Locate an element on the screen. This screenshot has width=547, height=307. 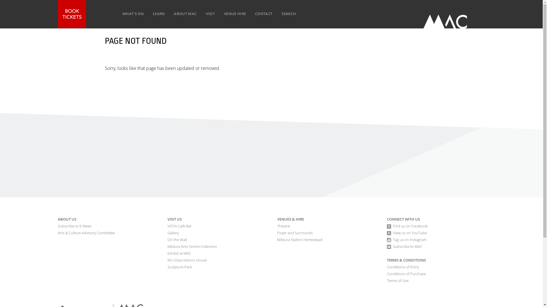
'LEARN' is located at coordinates (158, 13).